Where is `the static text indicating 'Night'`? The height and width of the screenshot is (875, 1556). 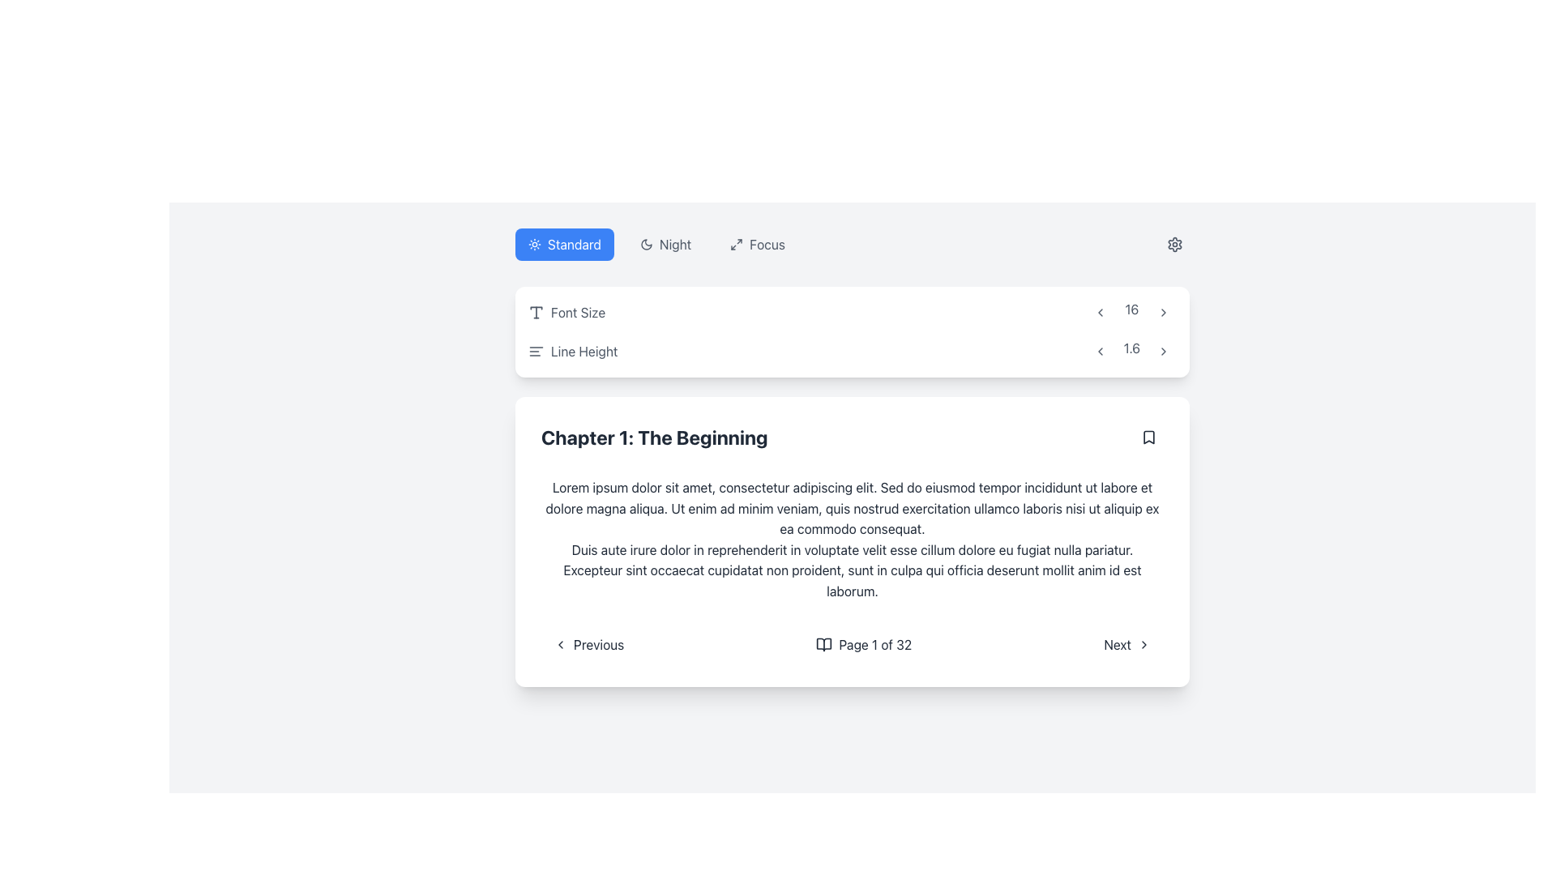 the static text indicating 'Night' is located at coordinates (675, 244).